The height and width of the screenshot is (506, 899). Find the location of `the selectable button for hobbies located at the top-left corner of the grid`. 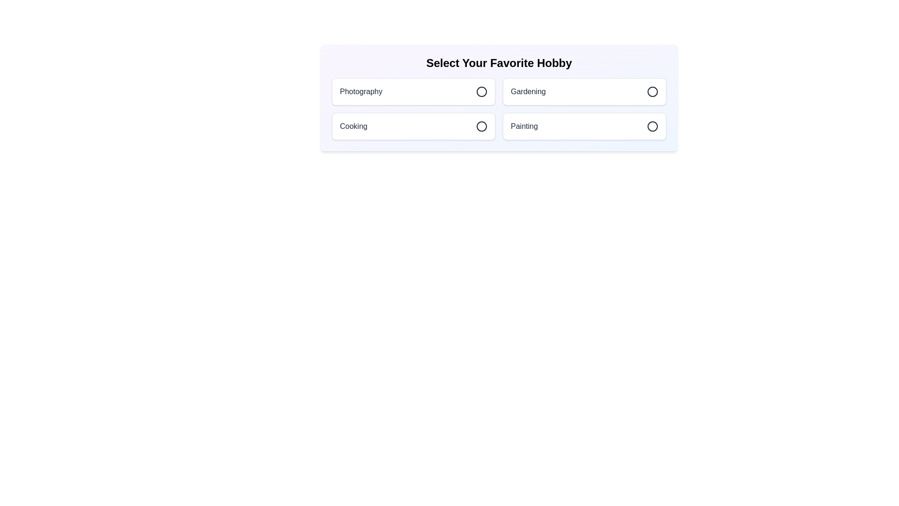

the selectable button for hobbies located at the top-left corner of the grid is located at coordinates (413, 92).